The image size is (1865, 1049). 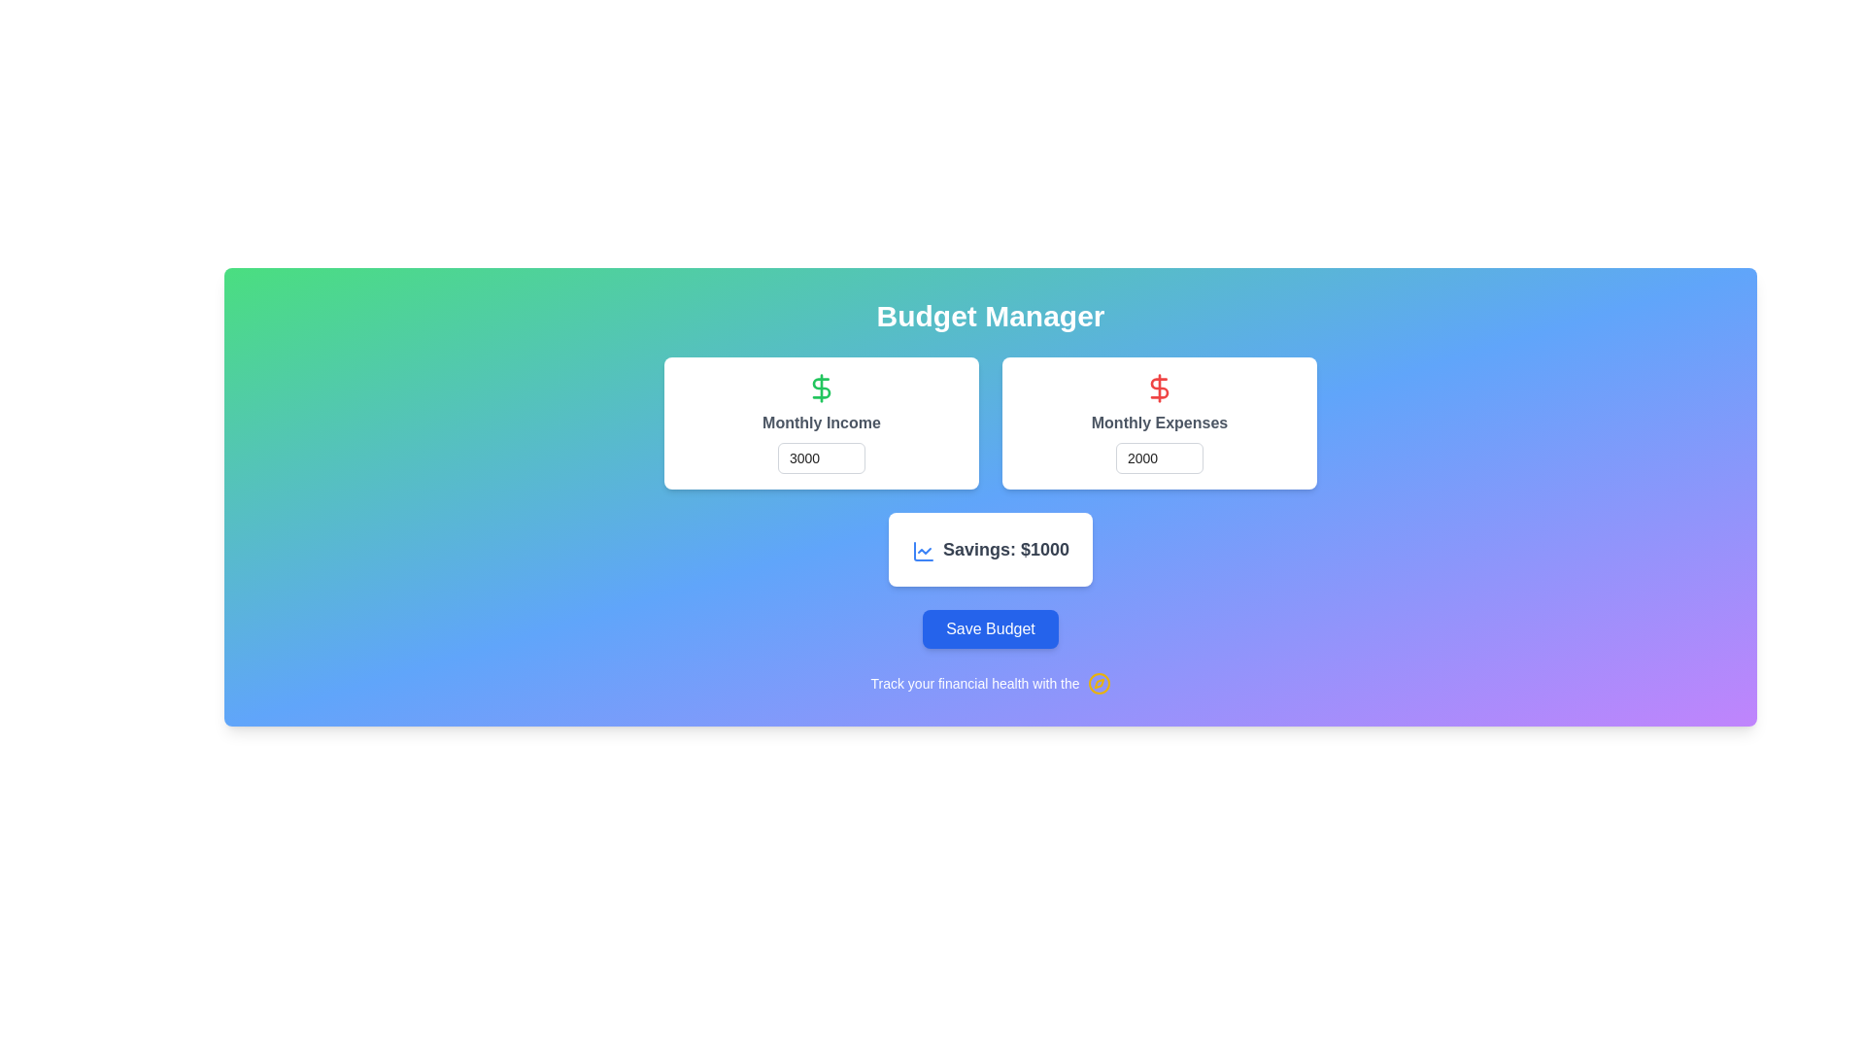 What do you see at coordinates (974, 683) in the screenshot?
I see `the text label element located at the bottom center of the interface, just below the 'Save Budget' button` at bounding box center [974, 683].